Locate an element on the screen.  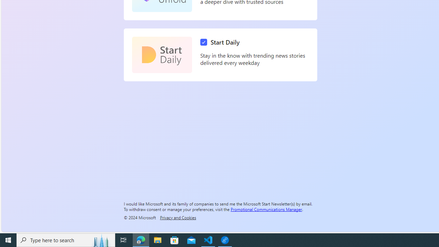
'Promotional Communications Manager' is located at coordinates (266, 209).